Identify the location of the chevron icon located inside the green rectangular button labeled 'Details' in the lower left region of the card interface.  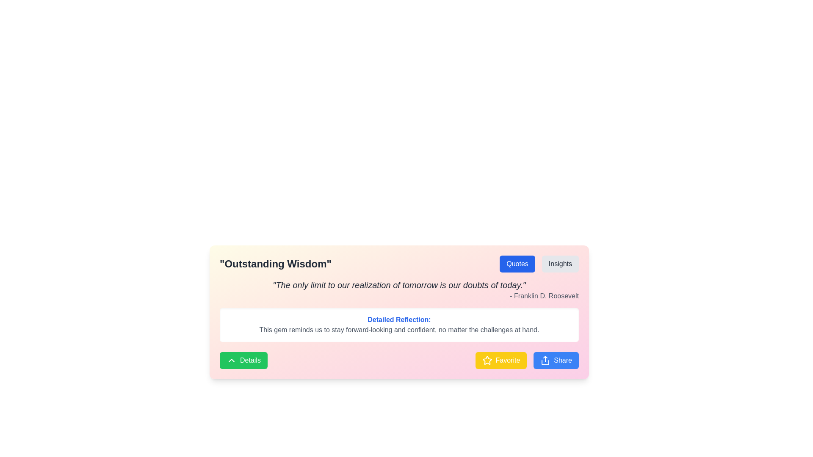
(232, 361).